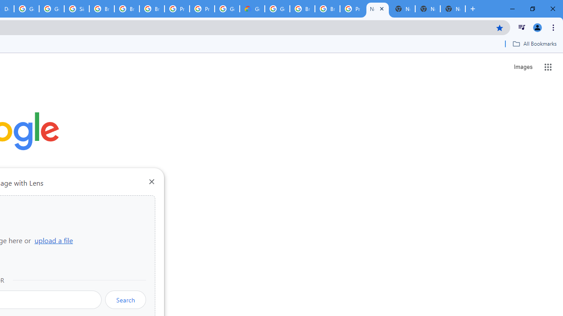 The height and width of the screenshot is (316, 563). I want to click on 'New Tab', so click(377, 9).